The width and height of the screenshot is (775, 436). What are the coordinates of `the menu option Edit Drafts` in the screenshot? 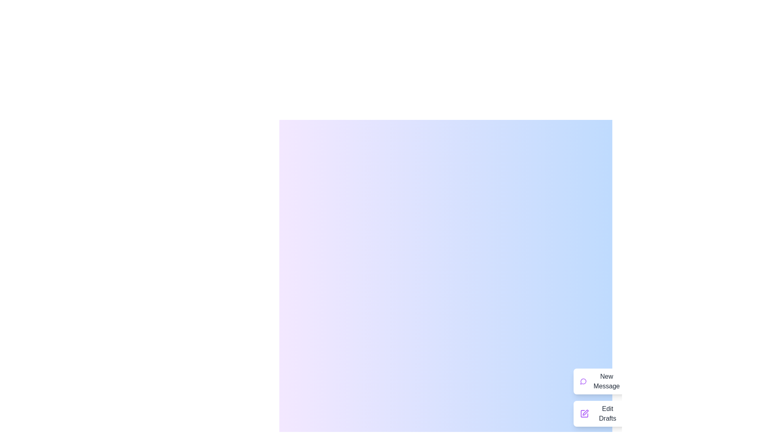 It's located at (601, 414).